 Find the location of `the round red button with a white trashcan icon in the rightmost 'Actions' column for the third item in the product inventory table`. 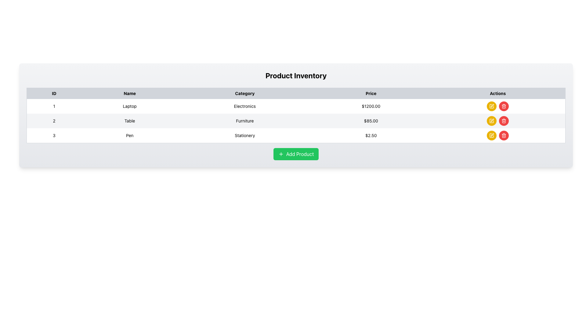

the round red button with a white trashcan icon in the rightmost 'Actions' column for the third item in the product inventory table is located at coordinates (504, 106).